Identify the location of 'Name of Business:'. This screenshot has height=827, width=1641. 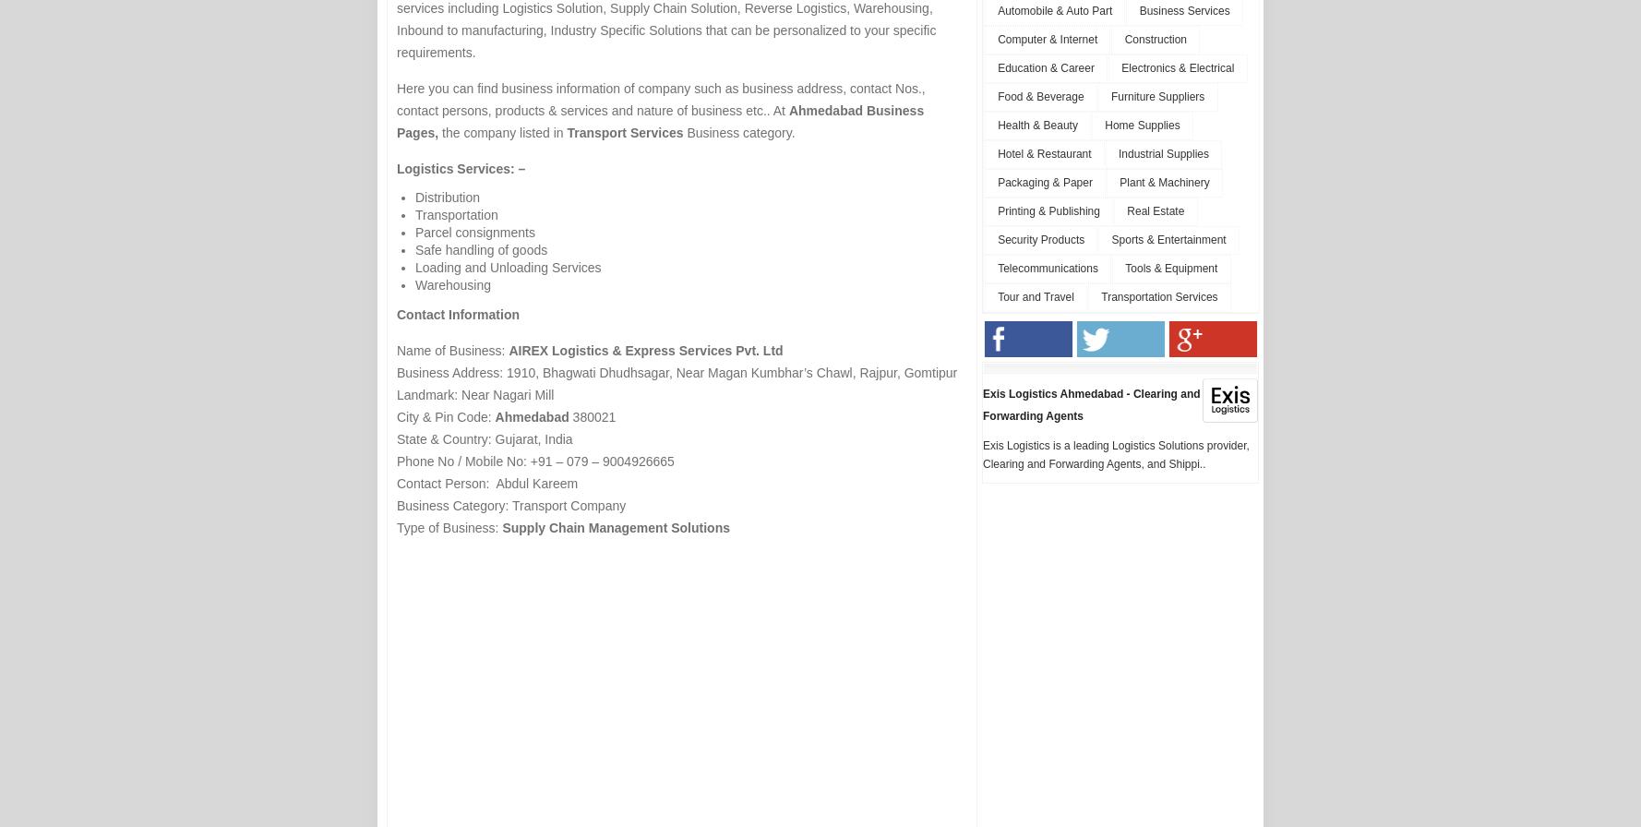
(451, 350).